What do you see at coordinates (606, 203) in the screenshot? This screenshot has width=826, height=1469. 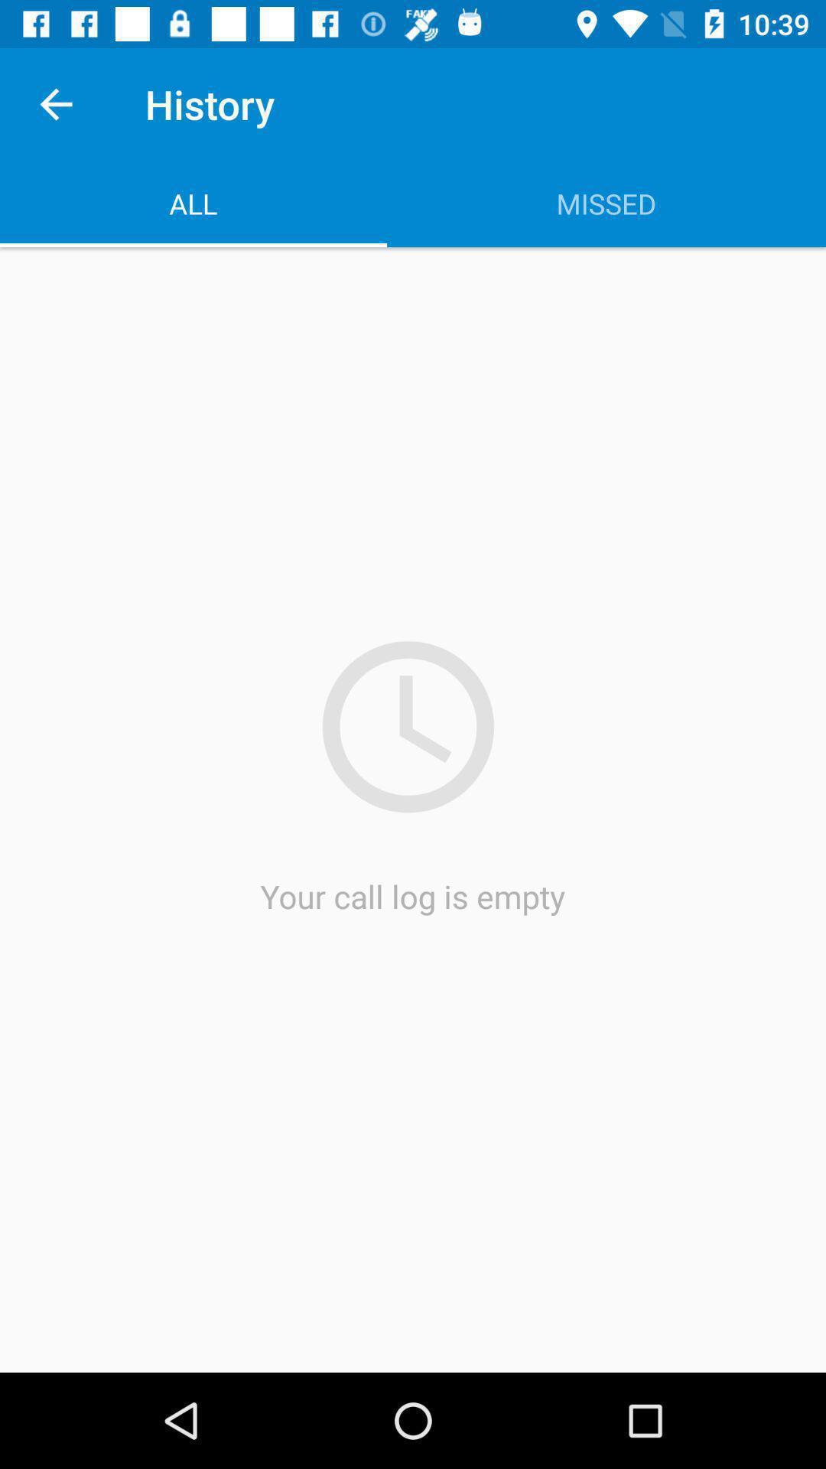 I see `the app at the top right corner` at bounding box center [606, 203].